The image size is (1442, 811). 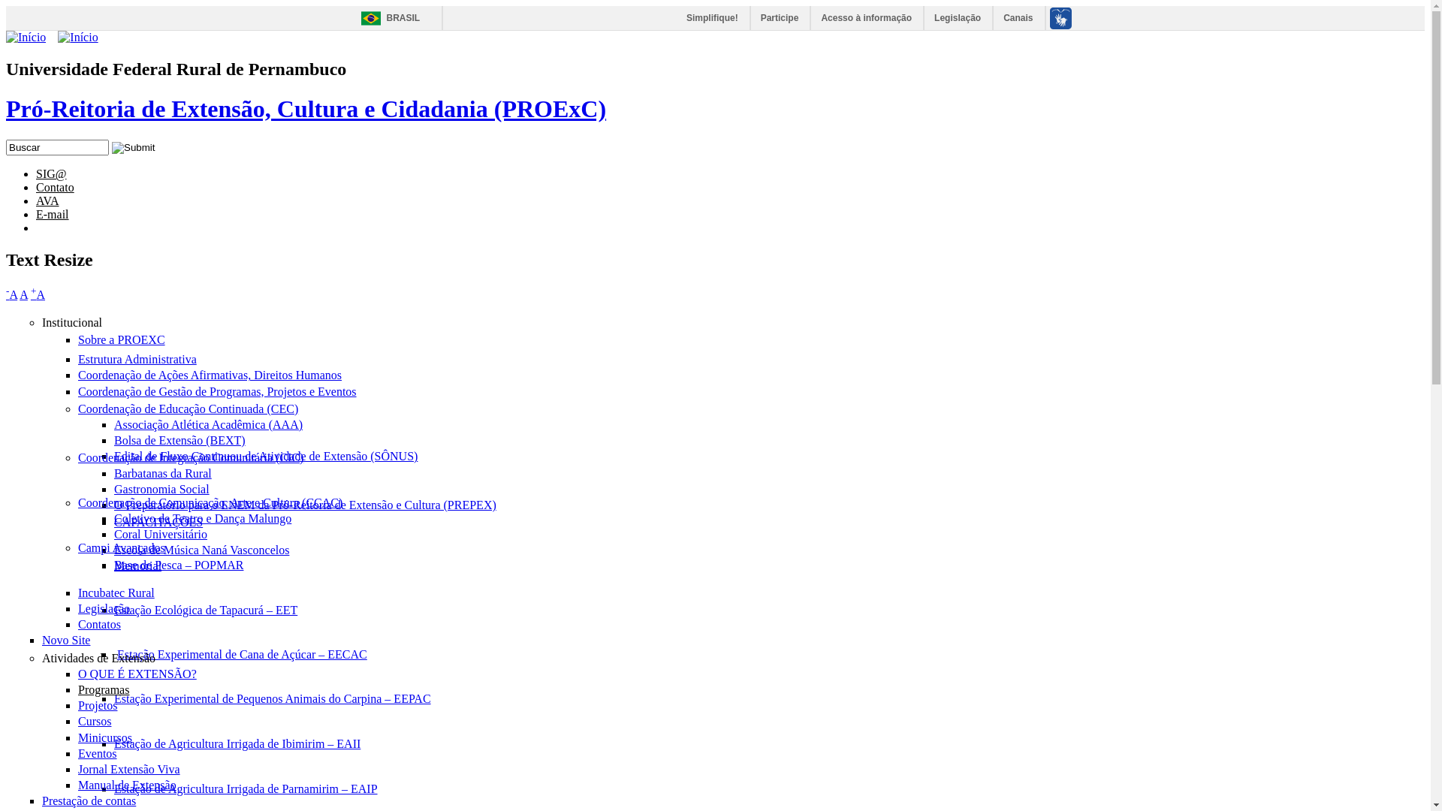 I want to click on 'Contatos', so click(x=98, y=624).